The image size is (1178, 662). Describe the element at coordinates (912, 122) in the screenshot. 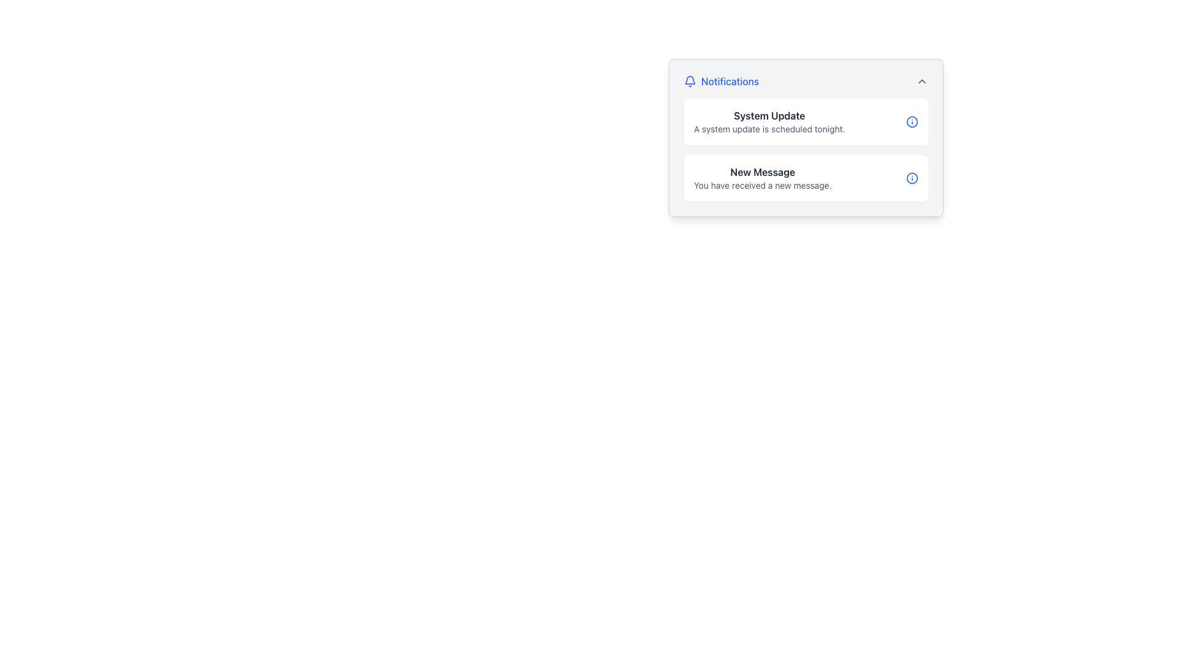

I see `the info icon located on the right side of the 'System Update' section within the notification panel` at that location.